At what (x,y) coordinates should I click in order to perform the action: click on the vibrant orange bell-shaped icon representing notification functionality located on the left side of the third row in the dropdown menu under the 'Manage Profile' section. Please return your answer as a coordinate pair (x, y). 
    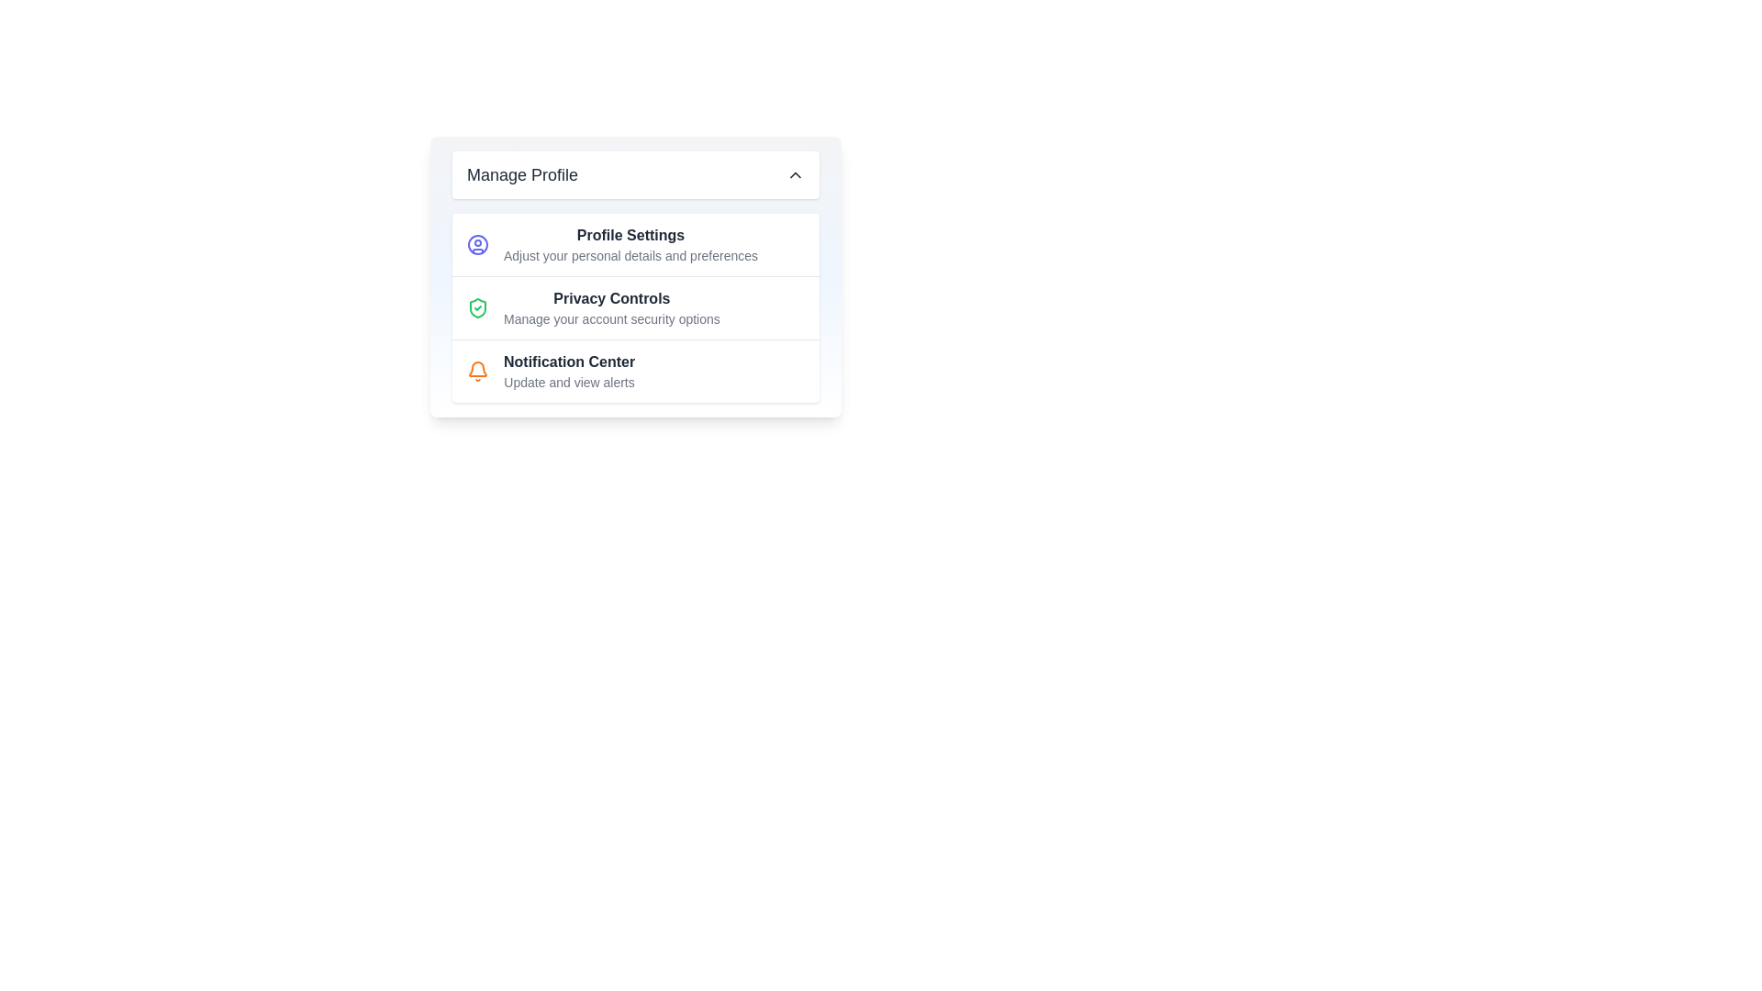
    Looking at the image, I should click on (478, 372).